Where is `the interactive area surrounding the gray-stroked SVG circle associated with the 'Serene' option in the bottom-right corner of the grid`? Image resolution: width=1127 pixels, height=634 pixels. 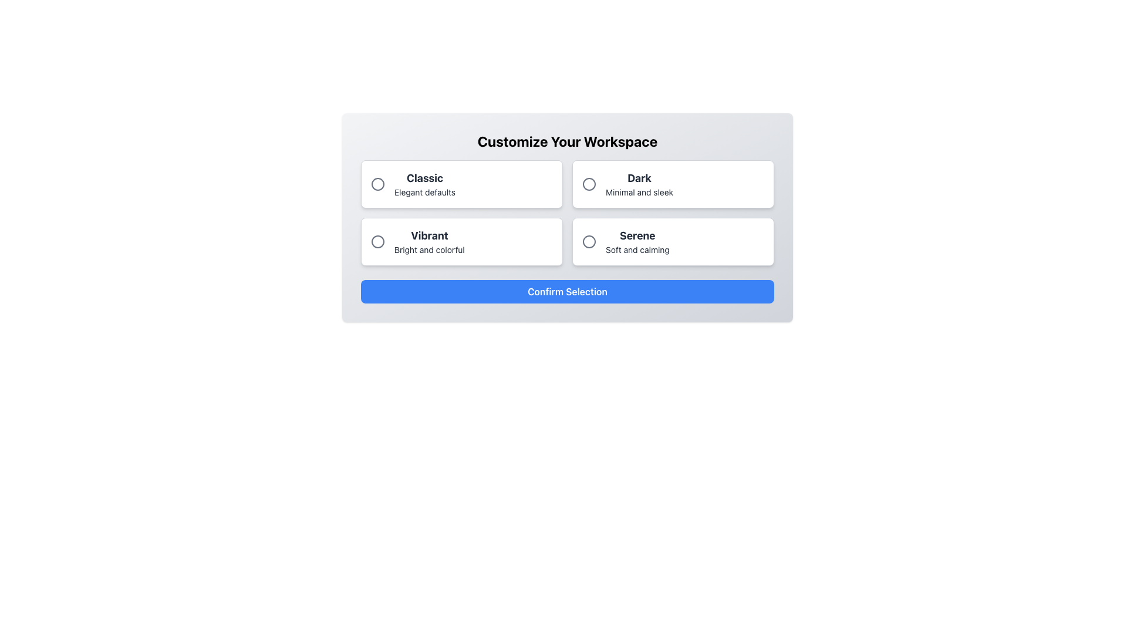 the interactive area surrounding the gray-stroked SVG circle associated with the 'Serene' option in the bottom-right corner of the grid is located at coordinates (589, 241).